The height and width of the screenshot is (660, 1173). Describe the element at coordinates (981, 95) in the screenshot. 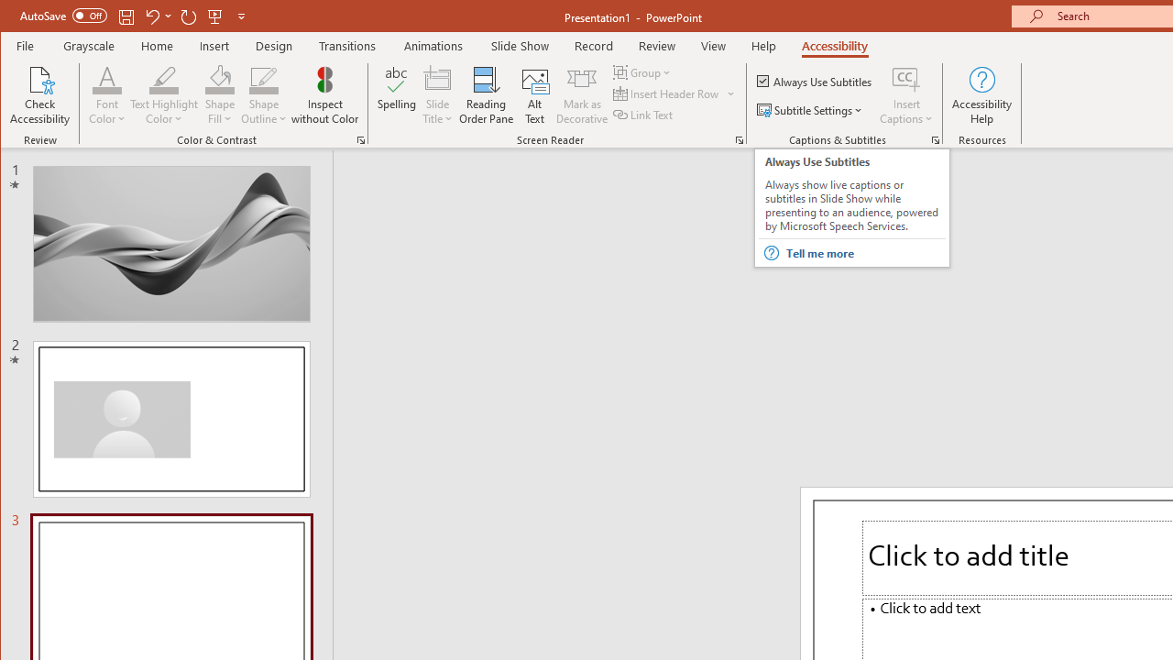

I see `'Accessibility Help'` at that location.